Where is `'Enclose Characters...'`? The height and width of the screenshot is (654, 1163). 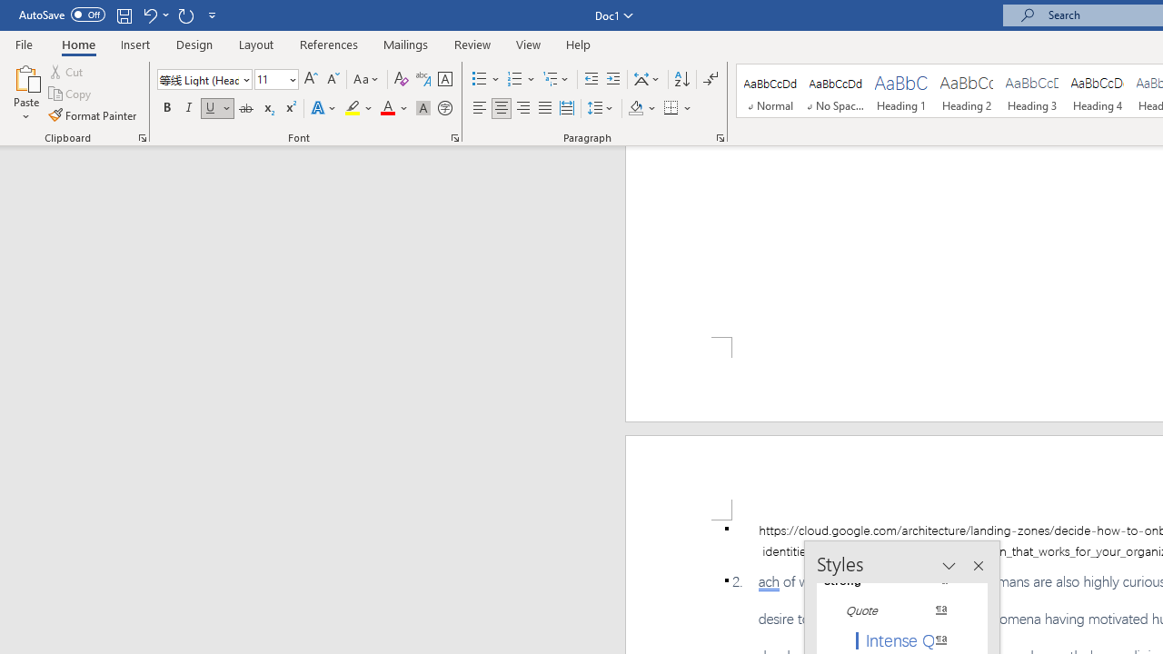
'Enclose Characters...' is located at coordinates (444, 108).